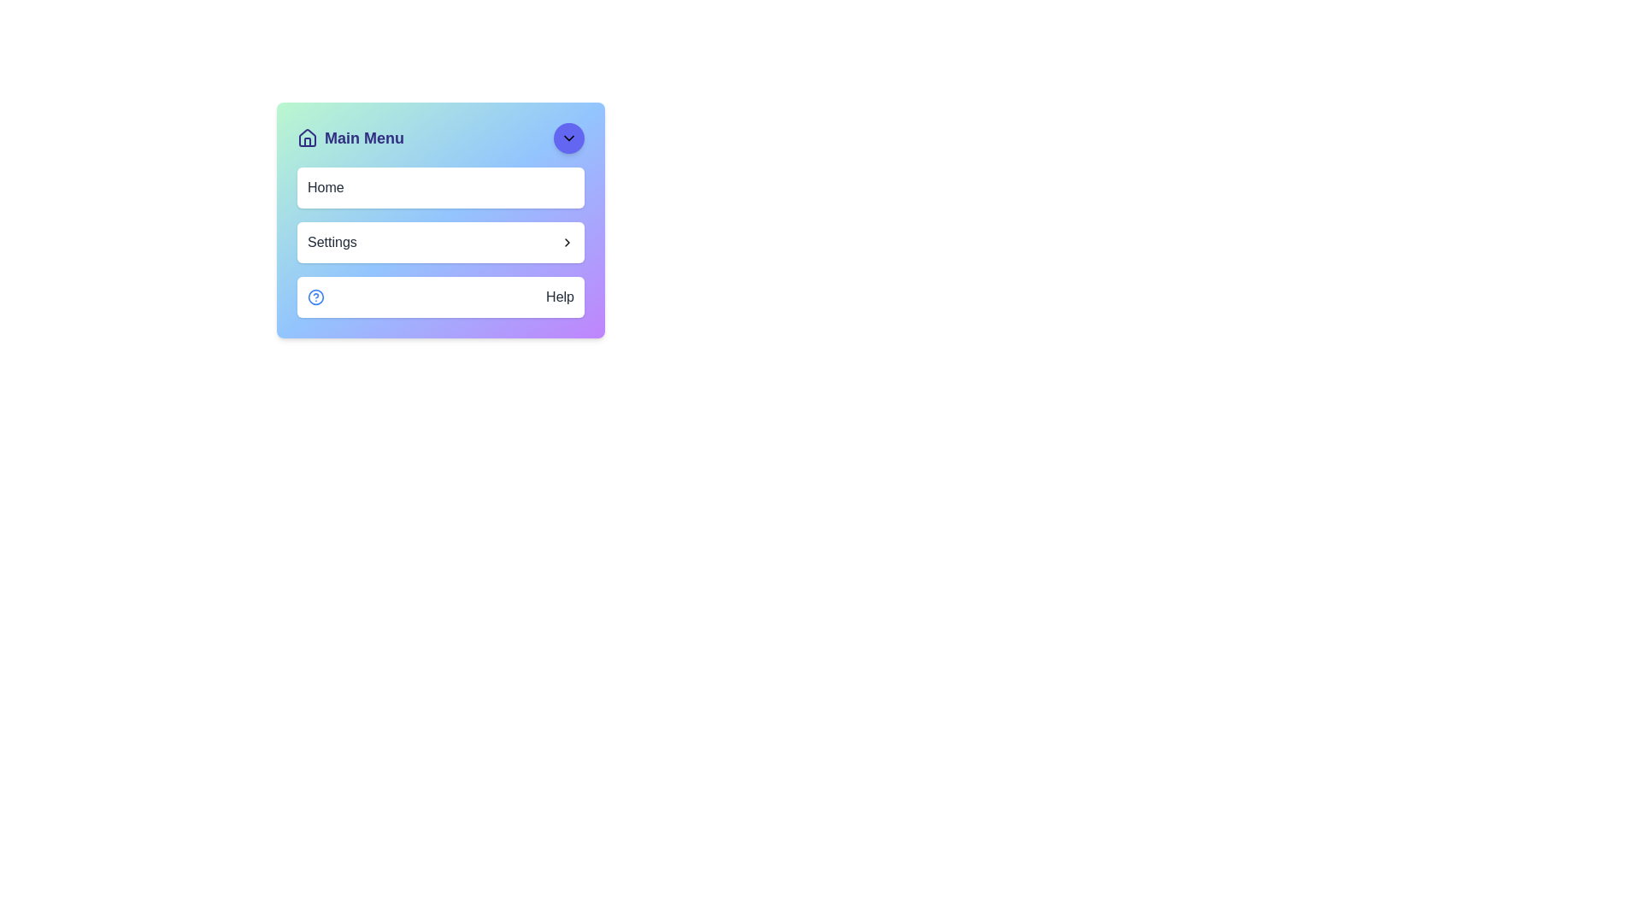 The image size is (1641, 923). What do you see at coordinates (440, 296) in the screenshot?
I see `the help button located at the bottom-left of the interface, below the 'Settings' element` at bounding box center [440, 296].